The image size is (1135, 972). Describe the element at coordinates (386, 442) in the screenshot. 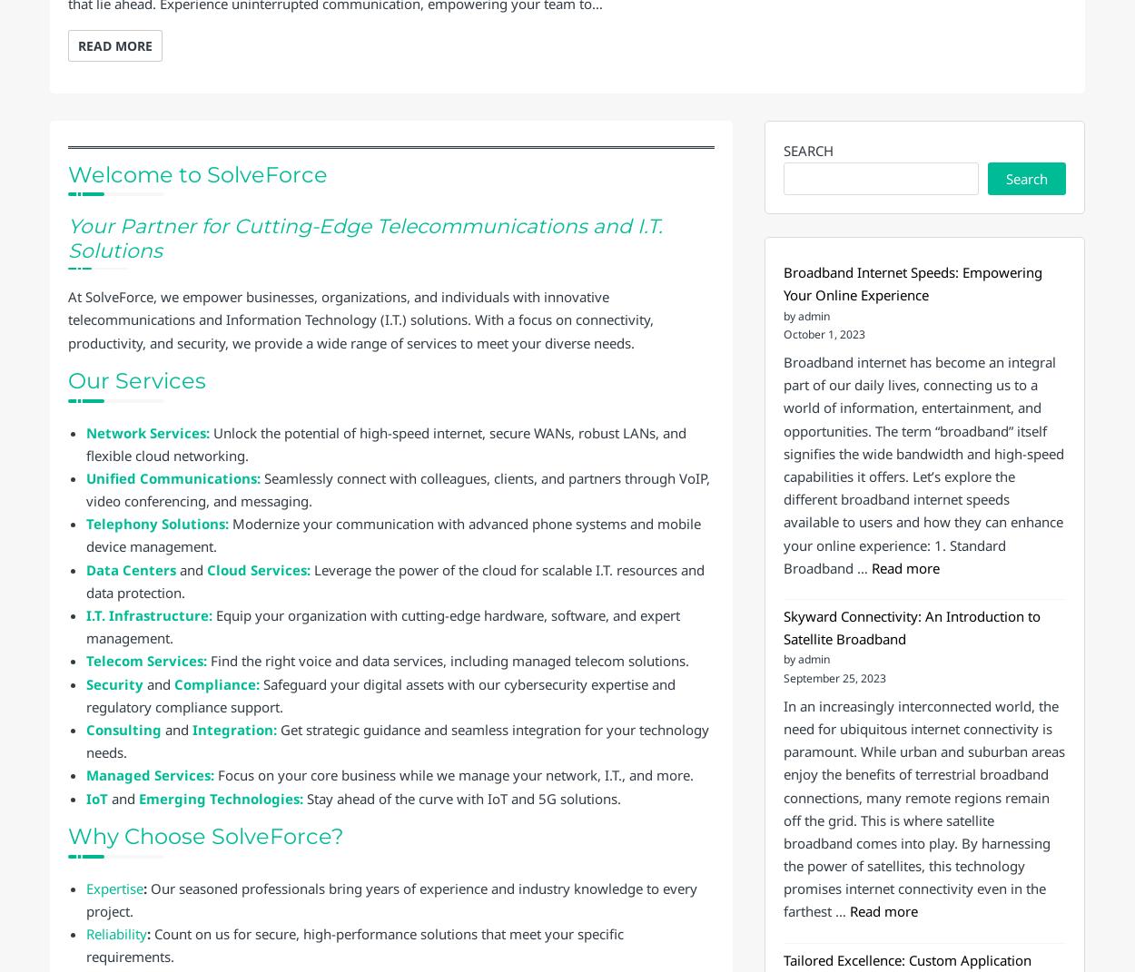

I see `'Unlock the potential of high-speed internet, secure WANs, robust LANs, and flexible cloud networking.'` at that location.